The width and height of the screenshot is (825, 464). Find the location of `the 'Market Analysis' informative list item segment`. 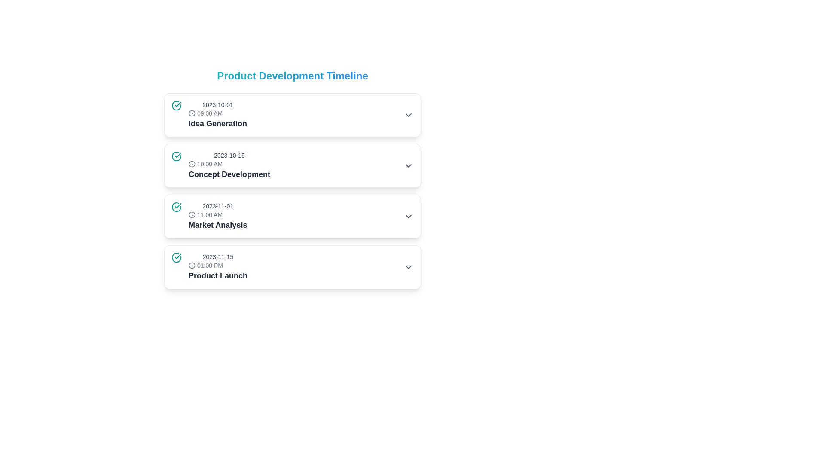

the 'Market Analysis' informative list item segment is located at coordinates (209, 216).